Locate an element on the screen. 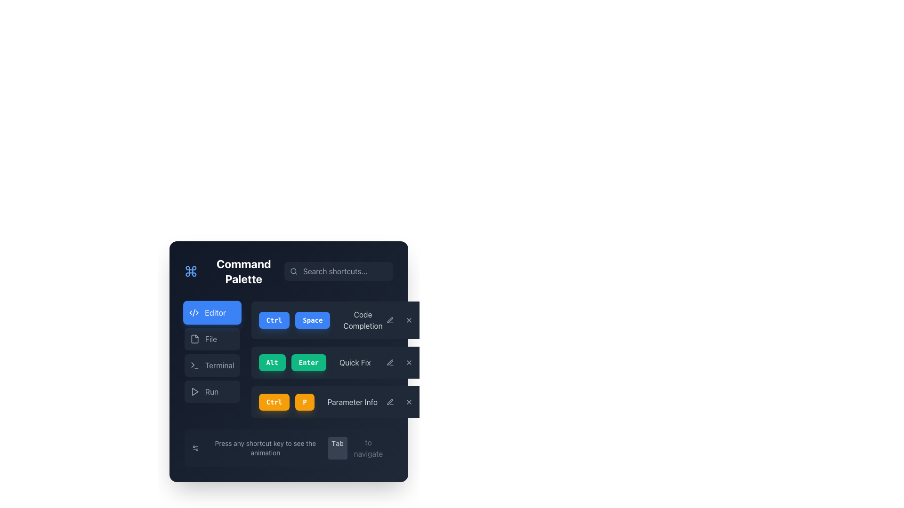 Image resolution: width=904 pixels, height=508 pixels. the grayish pen icon located in the upper-right aligned button group of the command palette UI, which corresponds to the 'Parameter Info' action is located at coordinates (390, 402).